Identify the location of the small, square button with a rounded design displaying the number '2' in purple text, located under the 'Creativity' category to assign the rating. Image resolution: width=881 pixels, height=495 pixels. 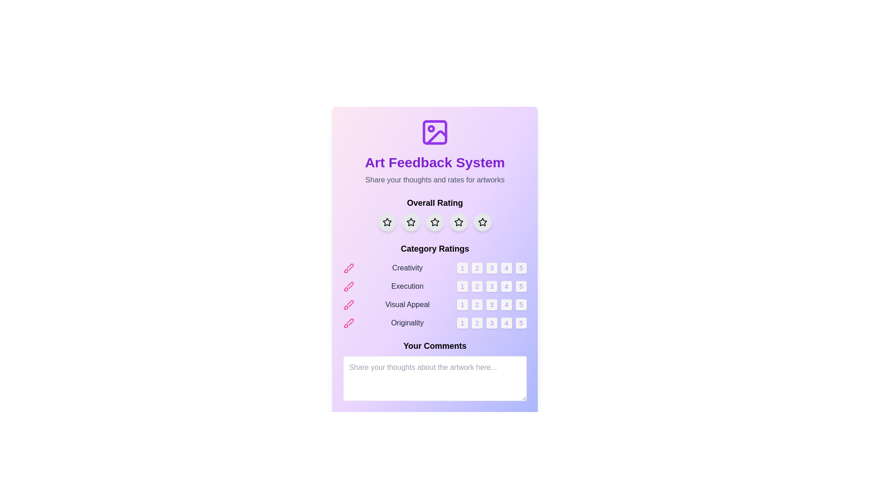
(477, 268).